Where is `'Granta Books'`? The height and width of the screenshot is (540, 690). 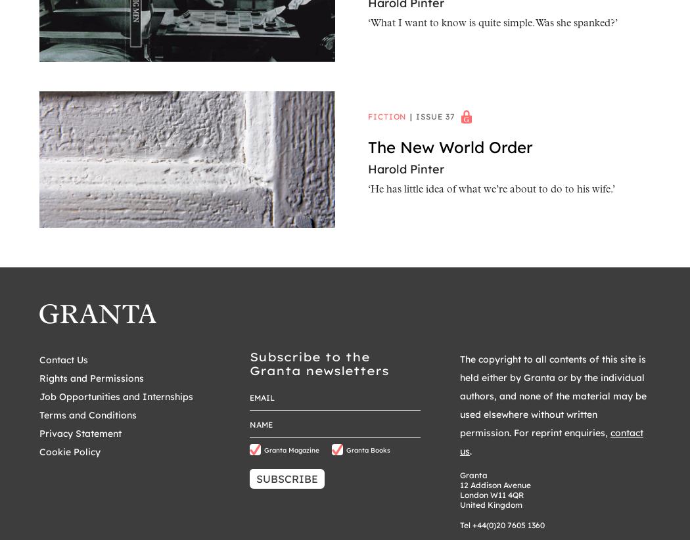 'Granta Books' is located at coordinates (346, 449).